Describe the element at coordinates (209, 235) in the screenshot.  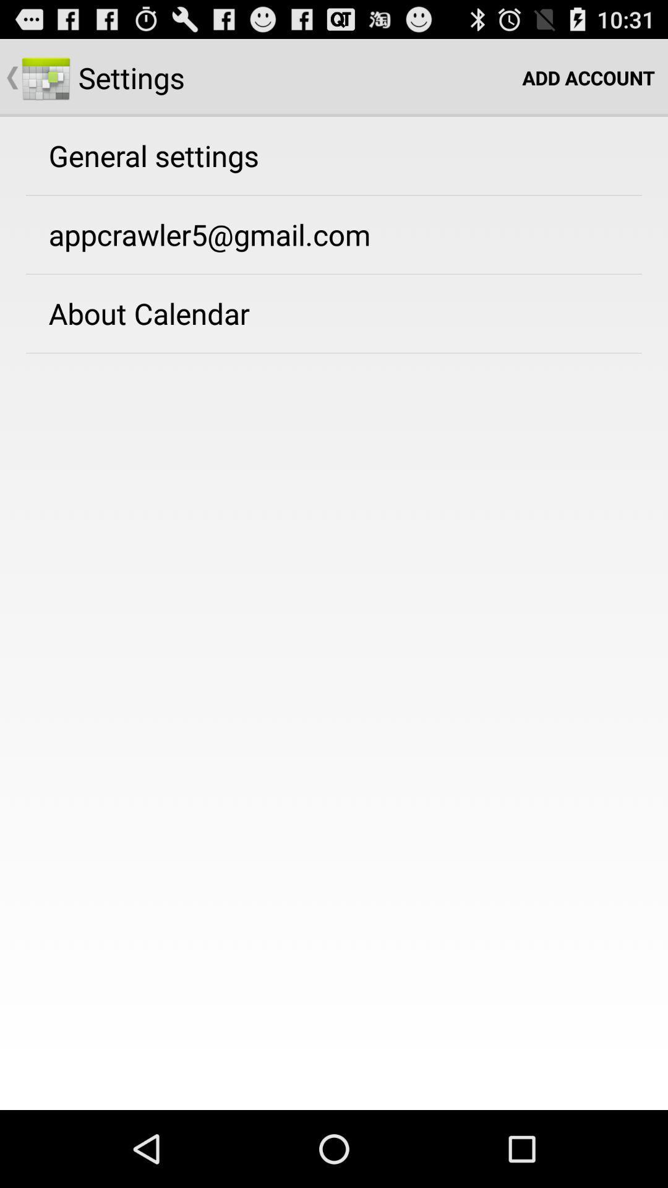
I see `the icon above about calendar app` at that location.